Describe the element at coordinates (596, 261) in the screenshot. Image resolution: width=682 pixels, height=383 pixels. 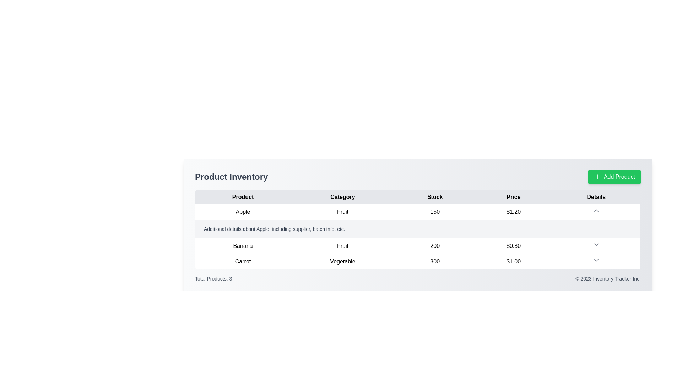
I see `the downward-pointing caret icon in the 'Details' column of the 'Carrot' row` at that location.